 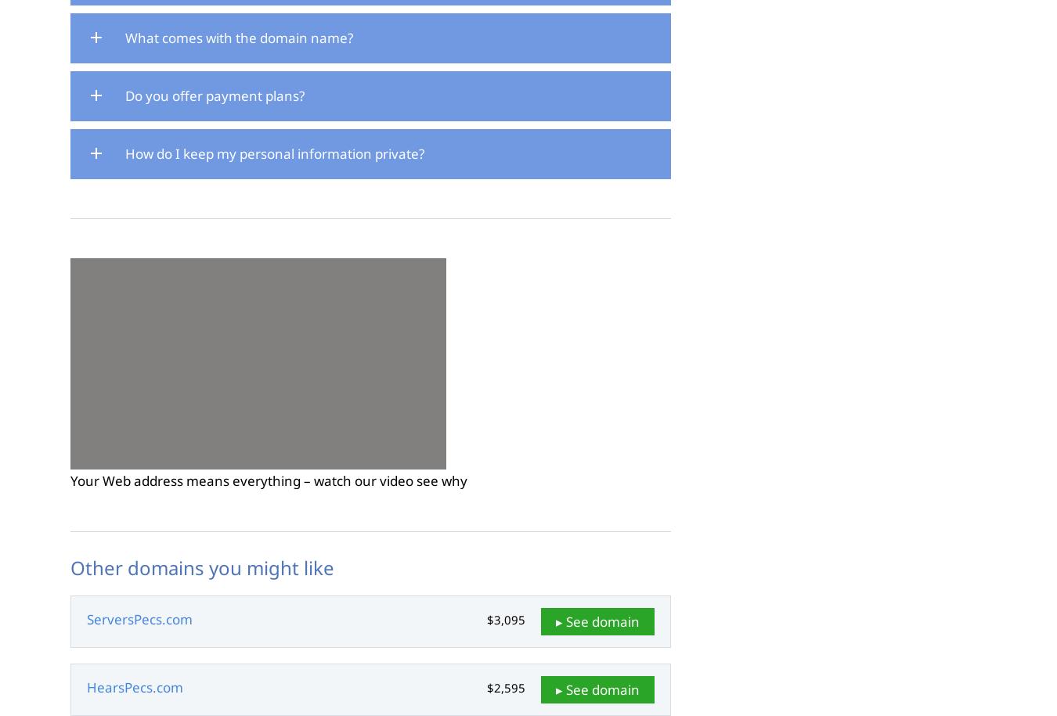 What do you see at coordinates (238, 38) in the screenshot?
I see `'What comes with the domain name?'` at bounding box center [238, 38].